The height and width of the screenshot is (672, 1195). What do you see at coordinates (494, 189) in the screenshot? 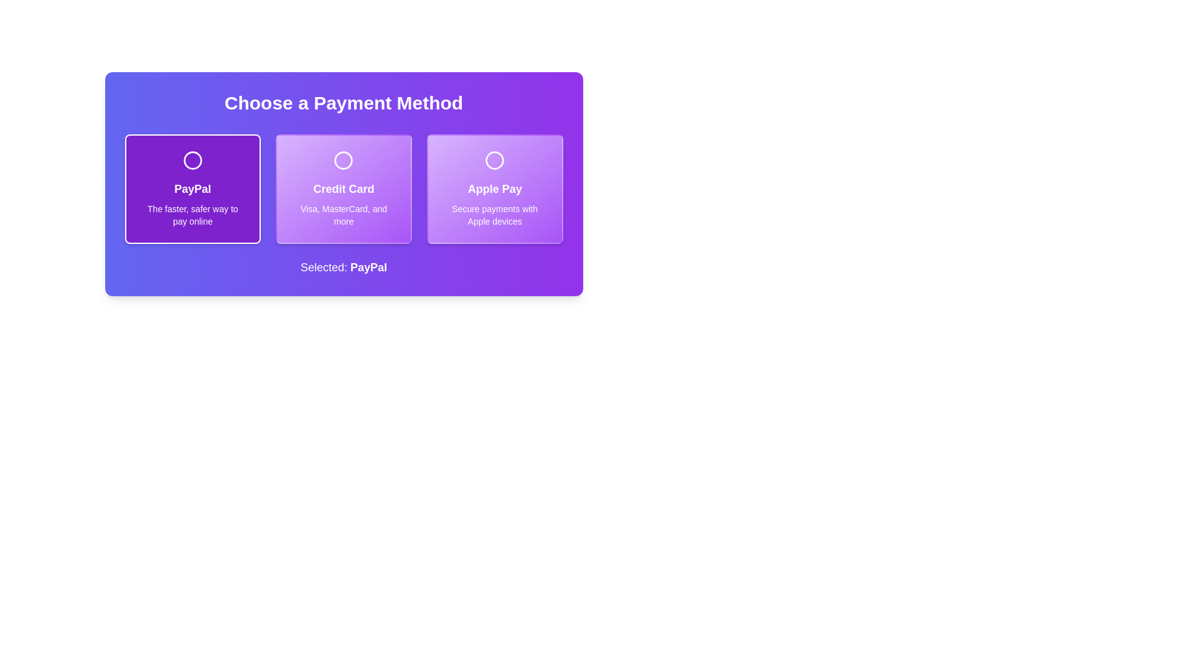
I see `the Apple Pay button, which is the third selectable payment method option` at bounding box center [494, 189].